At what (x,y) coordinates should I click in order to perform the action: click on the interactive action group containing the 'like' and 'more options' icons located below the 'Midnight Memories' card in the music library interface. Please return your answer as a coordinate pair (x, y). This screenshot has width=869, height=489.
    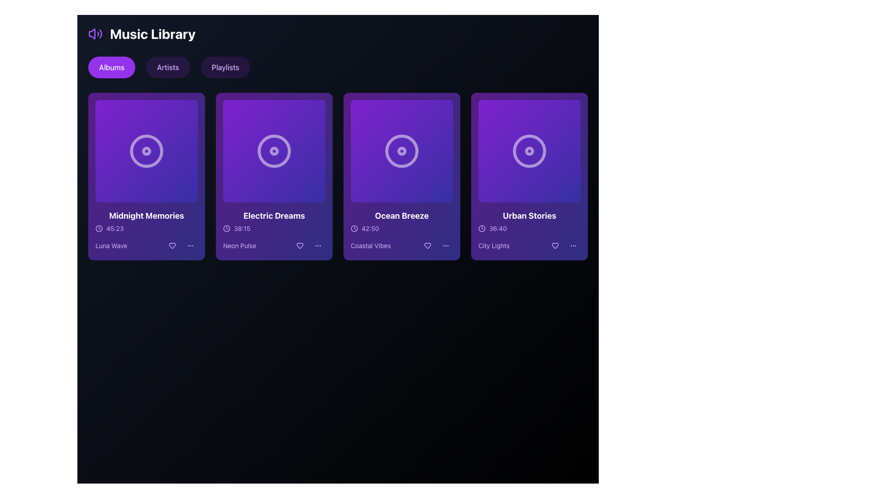
    Looking at the image, I should click on (181, 246).